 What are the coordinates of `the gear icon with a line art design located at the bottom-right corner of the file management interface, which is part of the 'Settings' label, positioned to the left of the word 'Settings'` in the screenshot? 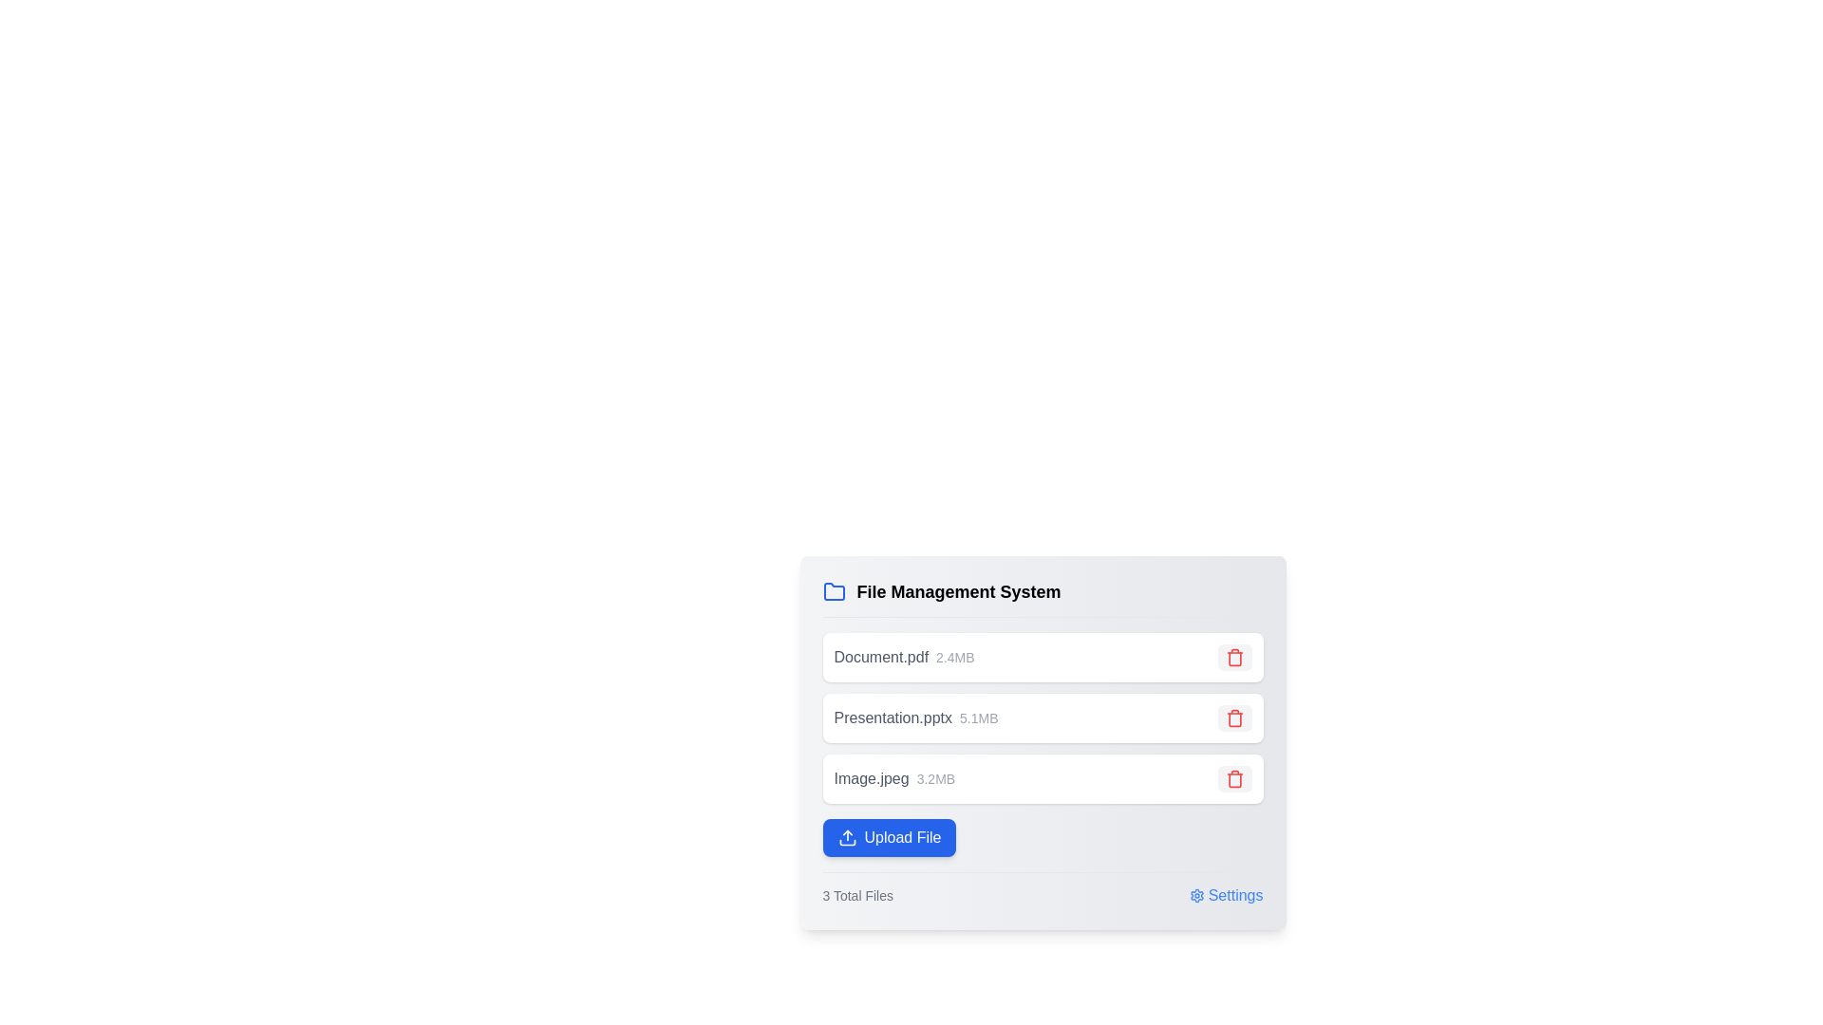 It's located at (1195, 896).